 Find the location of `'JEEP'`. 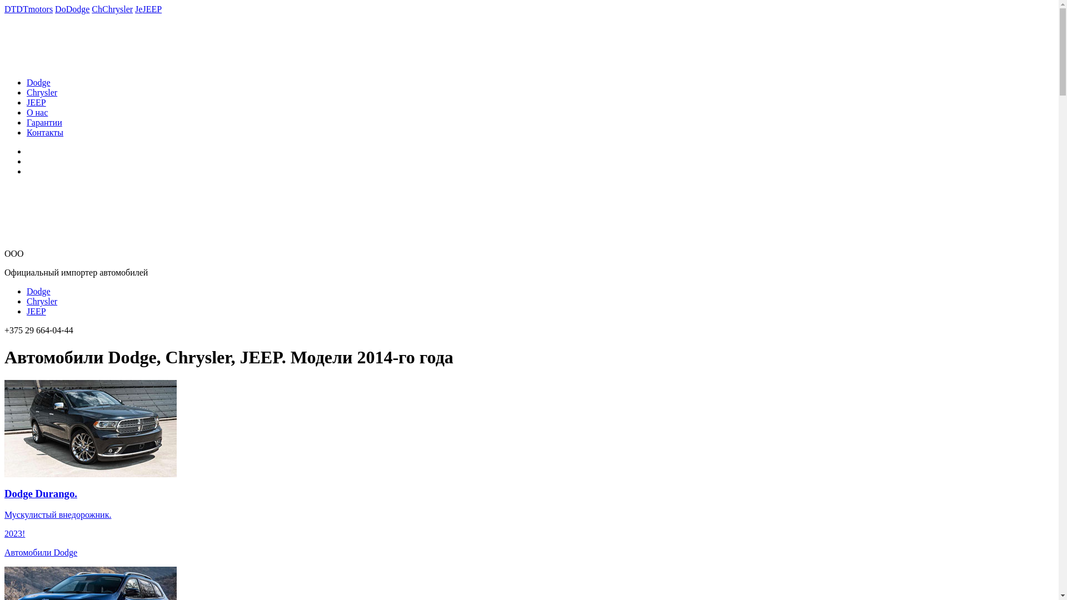

'JEEP' is located at coordinates (36, 102).